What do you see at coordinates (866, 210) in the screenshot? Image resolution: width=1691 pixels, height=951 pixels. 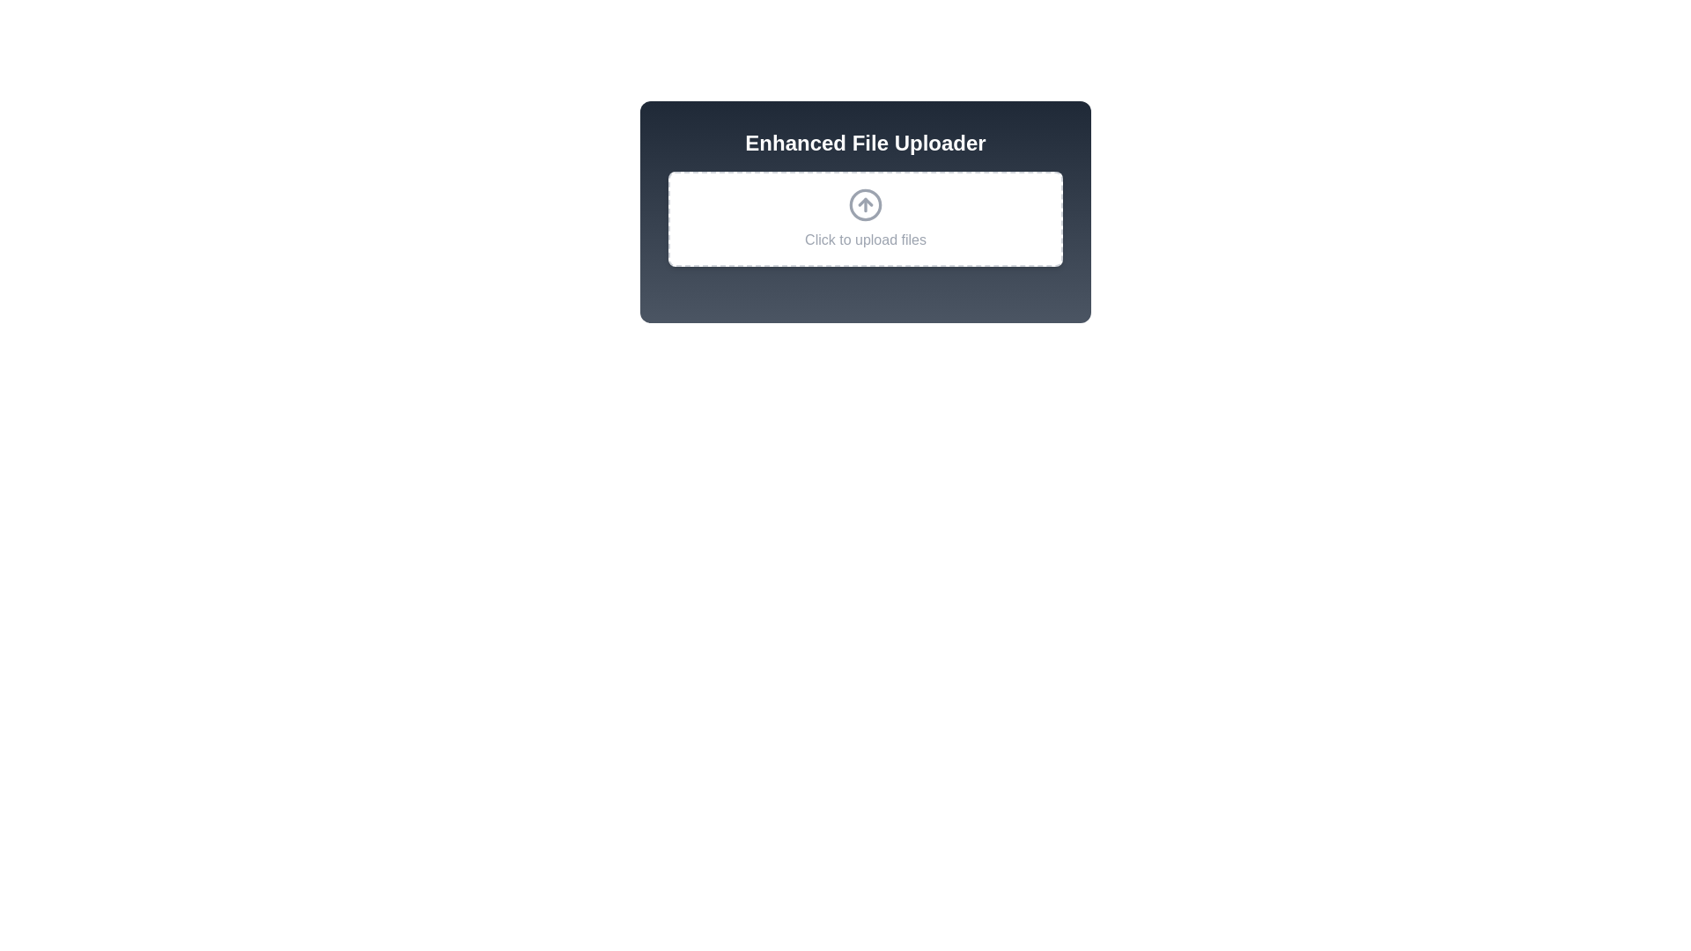 I see `and drop files into the outlined area of the 'Enhanced File Uploader' section, which features a gradient background and a dashed border indicating interactivity` at bounding box center [866, 210].